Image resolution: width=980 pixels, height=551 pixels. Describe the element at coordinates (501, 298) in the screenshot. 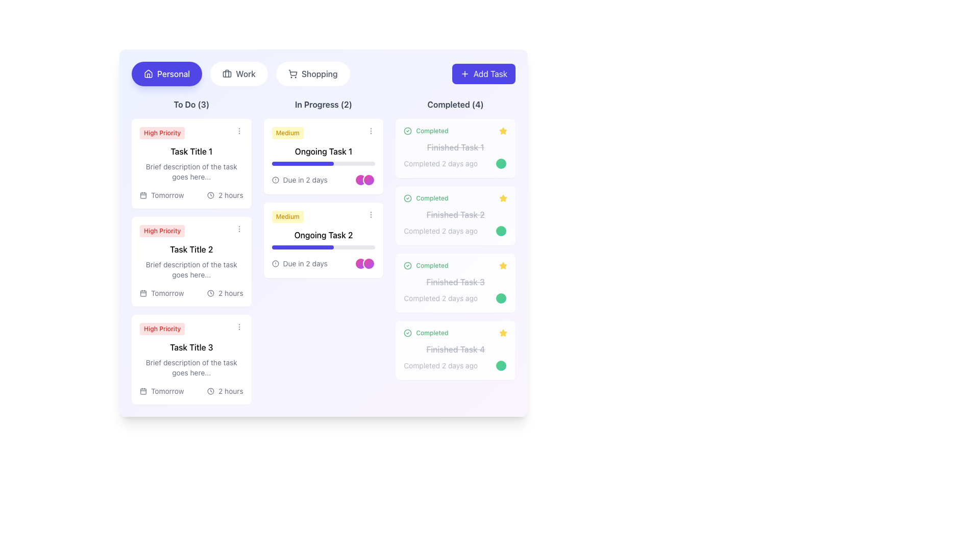

I see `the status indicator located in the 'Completed' section next to the text 'Completed 2 days ago' and adjacent to 'Finished Task 3'` at that location.